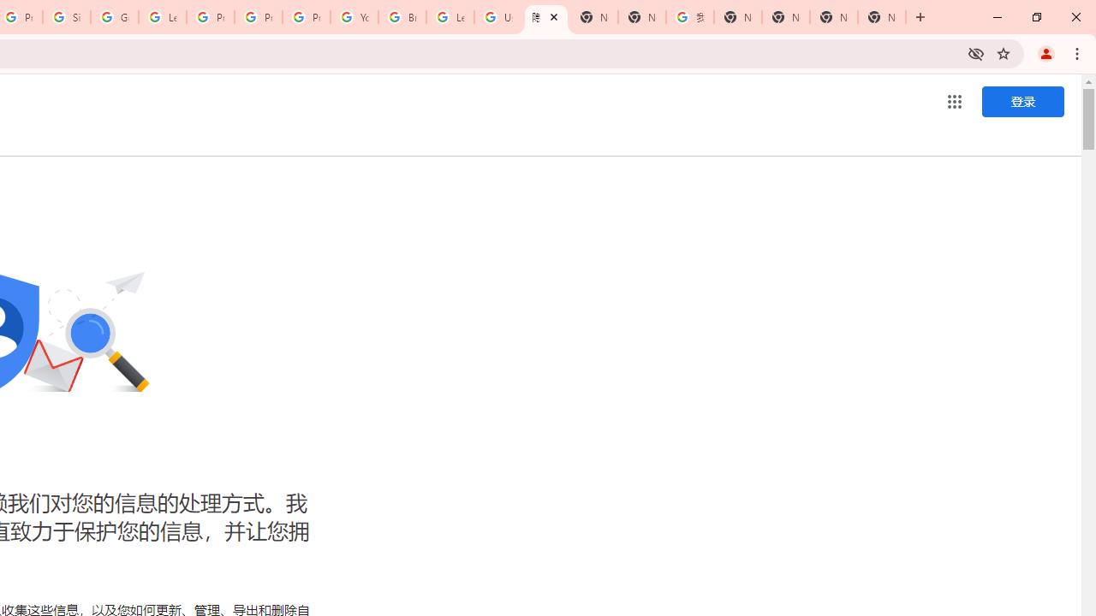 The width and height of the screenshot is (1096, 616). I want to click on 'YouTube', so click(354, 17).